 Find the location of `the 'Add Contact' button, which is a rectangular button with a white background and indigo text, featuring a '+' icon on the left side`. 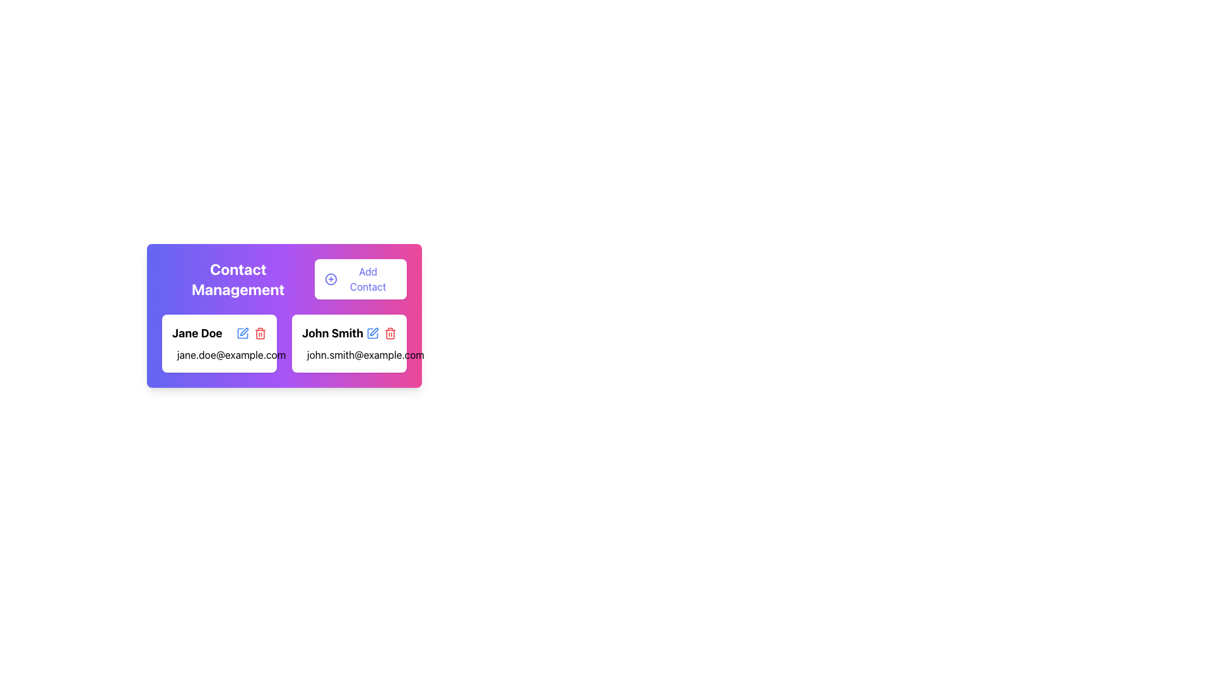

the 'Add Contact' button, which is a rectangular button with a white background and indigo text, featuring a '+' icon on the left side is located at coordinates (360, 279).